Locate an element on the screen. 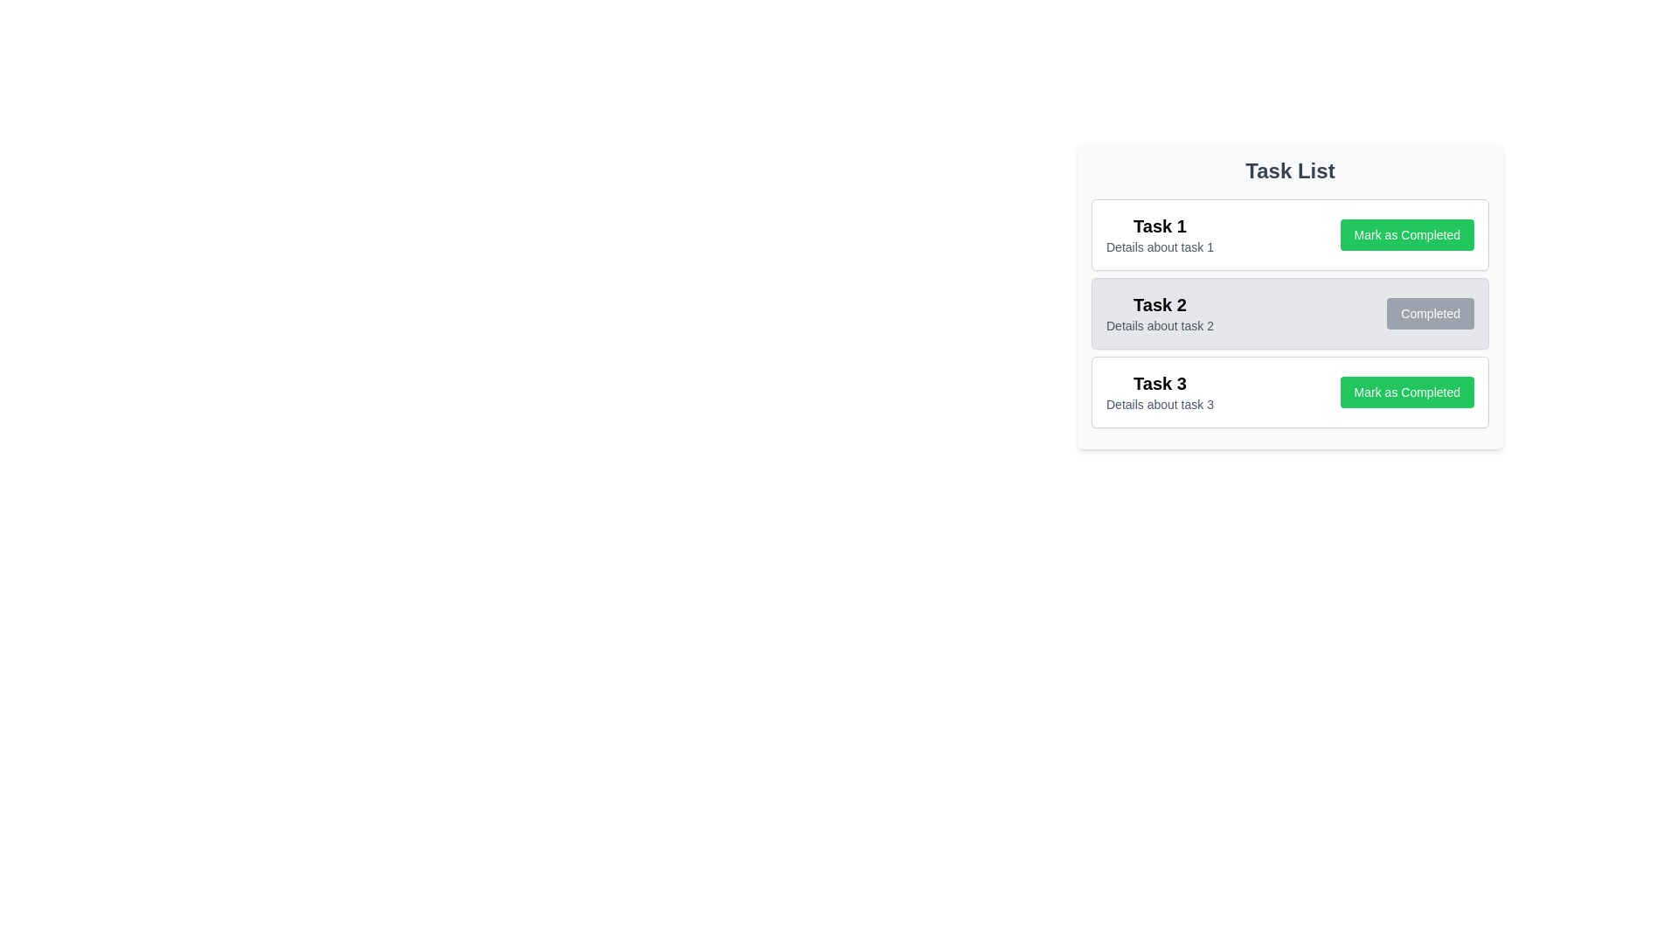 The width and height of the screenshot is (1678, 944). the 'mark as completed' button for Task 3 is located at coordinates (1407, 391).